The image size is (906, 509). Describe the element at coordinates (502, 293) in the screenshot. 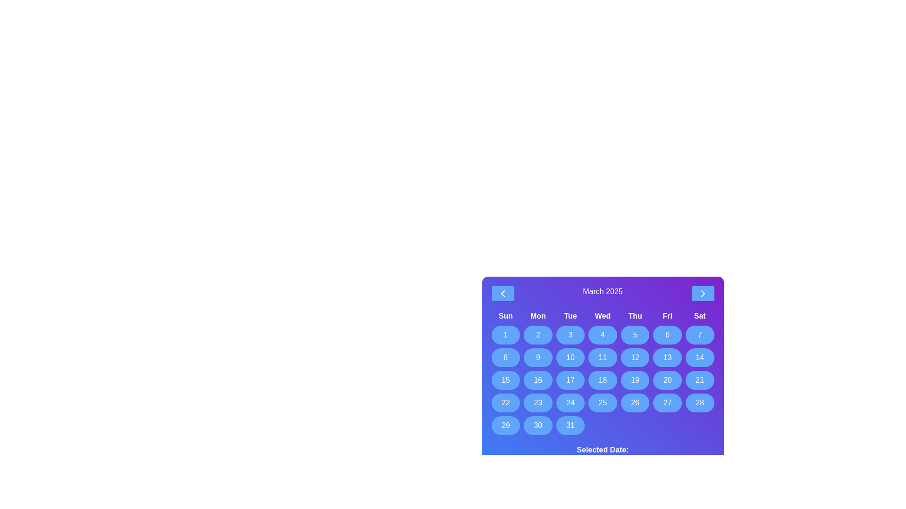

I see `the interactive chevron icon within the blue button located at the top-left corner of the calendar interface` at that location.